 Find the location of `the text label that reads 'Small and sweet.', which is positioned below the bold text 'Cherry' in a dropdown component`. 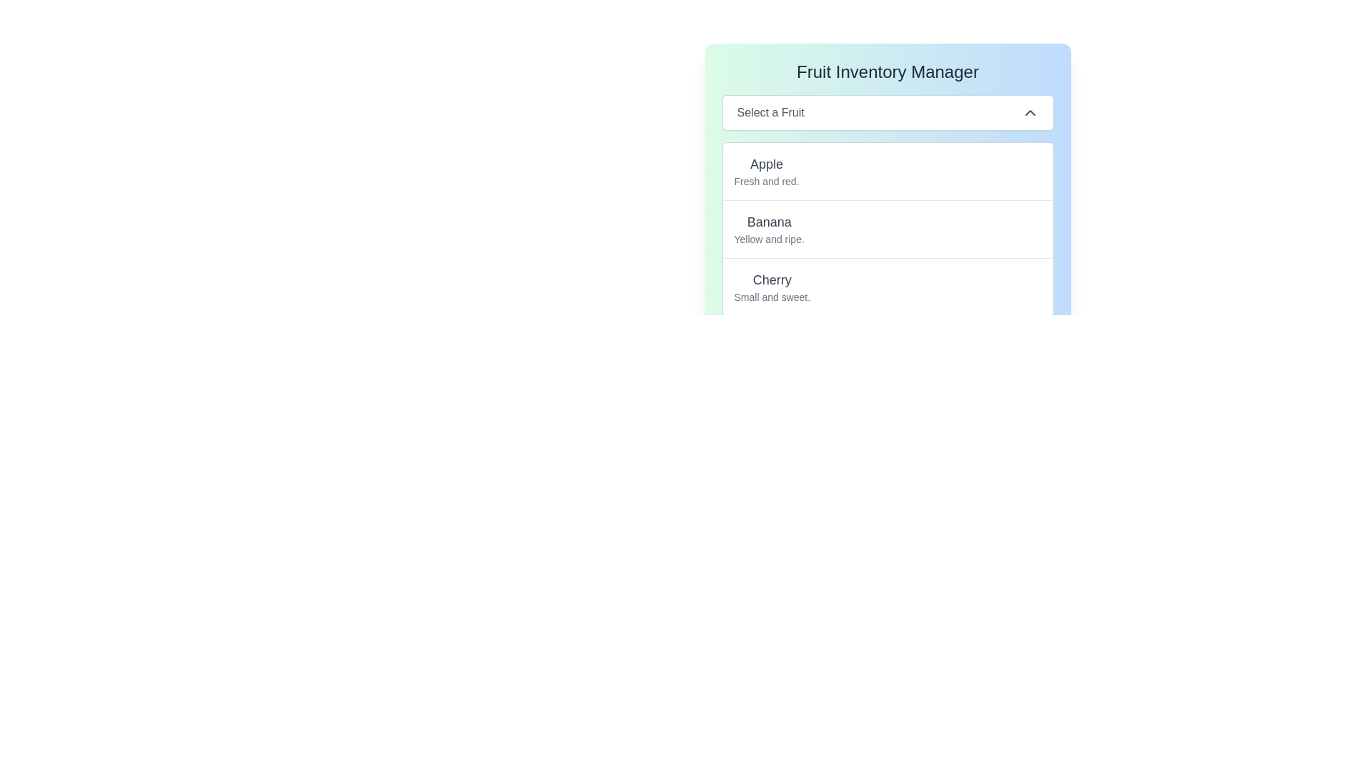

the text label that reads 'Small and sweet.', which is positioned below the bold text 'Cherry' in a dropdown component is located at coordinates (771, 297).